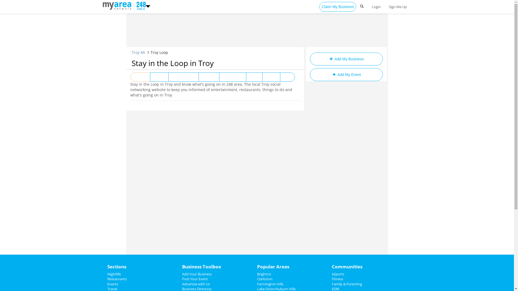  Describe the element at coordinates (398, 6) in the screenshot. I see `'Sign Me Up'` at that location.